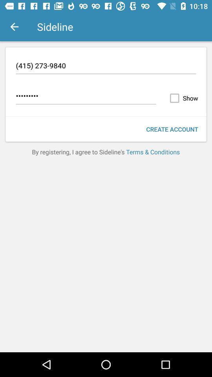 The image size is (212, 377). What do you see at coordinates (106, 151) in the screenshot?
I see `the by registering i icon` at bounding box center [106, 151].